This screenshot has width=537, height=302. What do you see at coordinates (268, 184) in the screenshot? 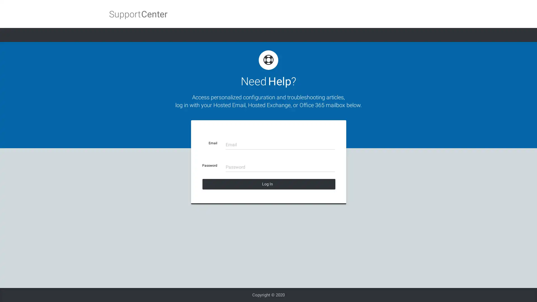
I see `Log In` at bounding box center [268, 184].